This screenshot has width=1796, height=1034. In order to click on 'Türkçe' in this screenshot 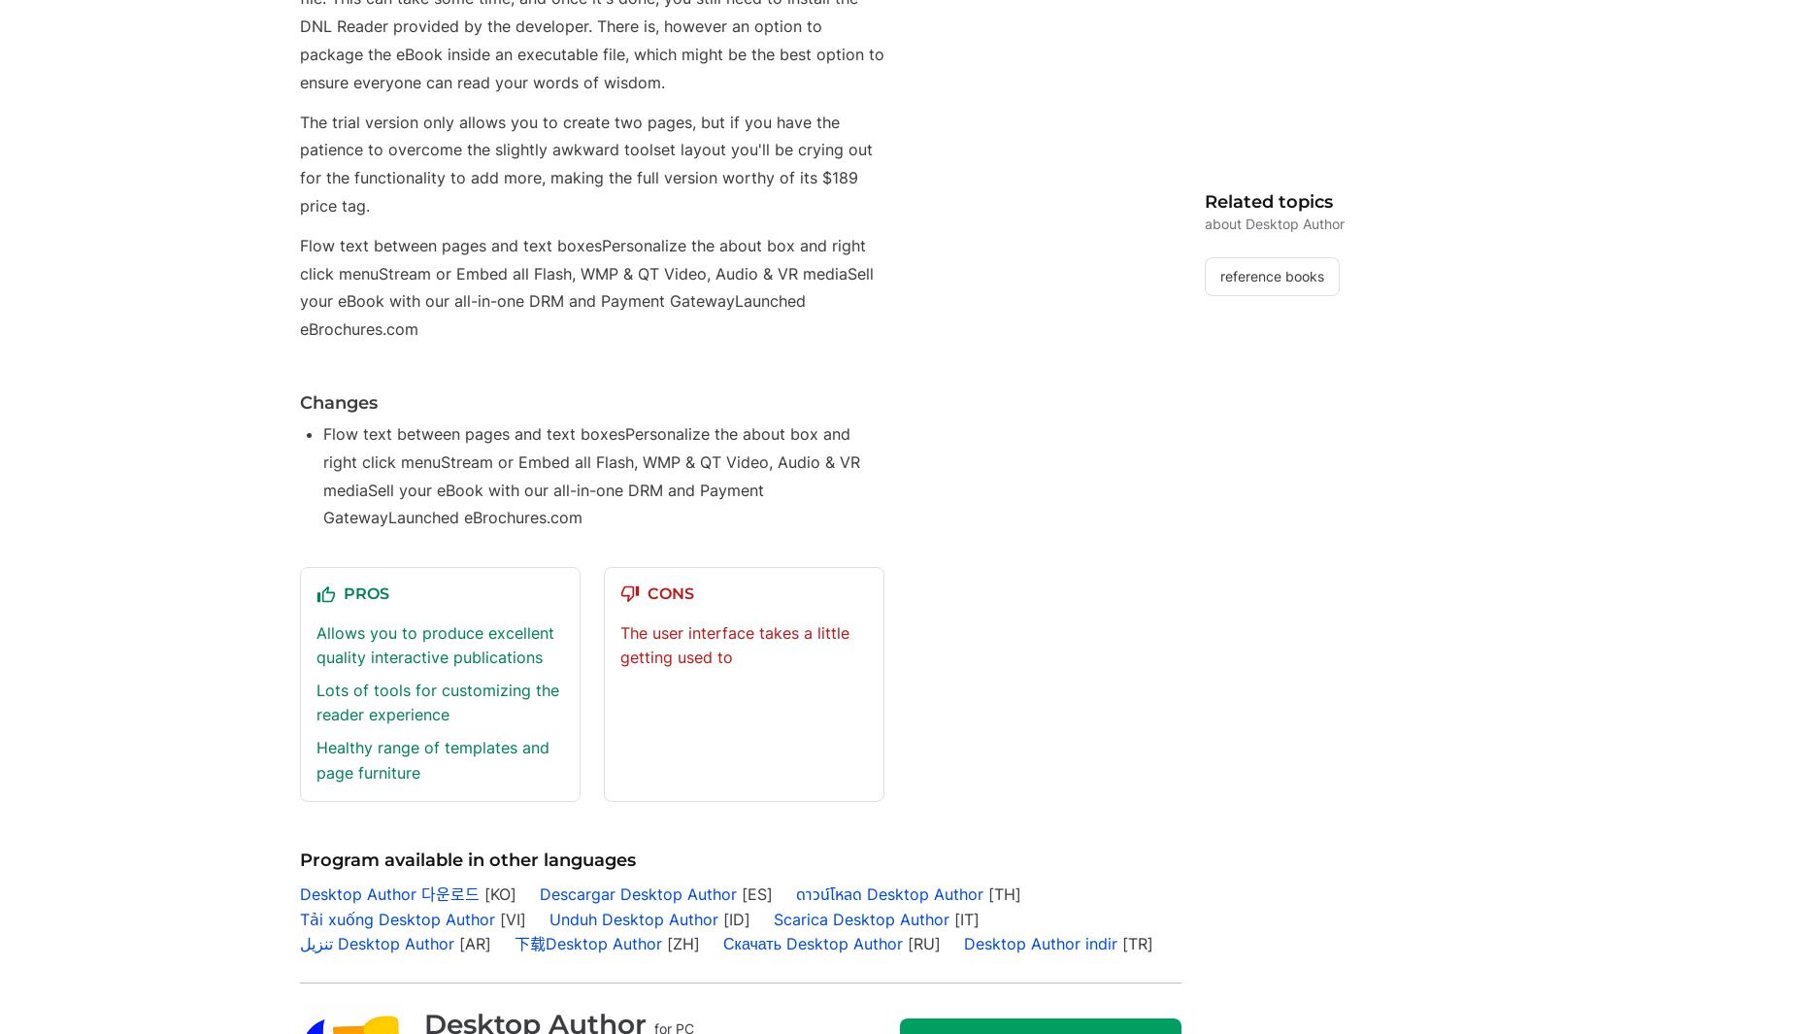, I will do `click(320, 180)`.